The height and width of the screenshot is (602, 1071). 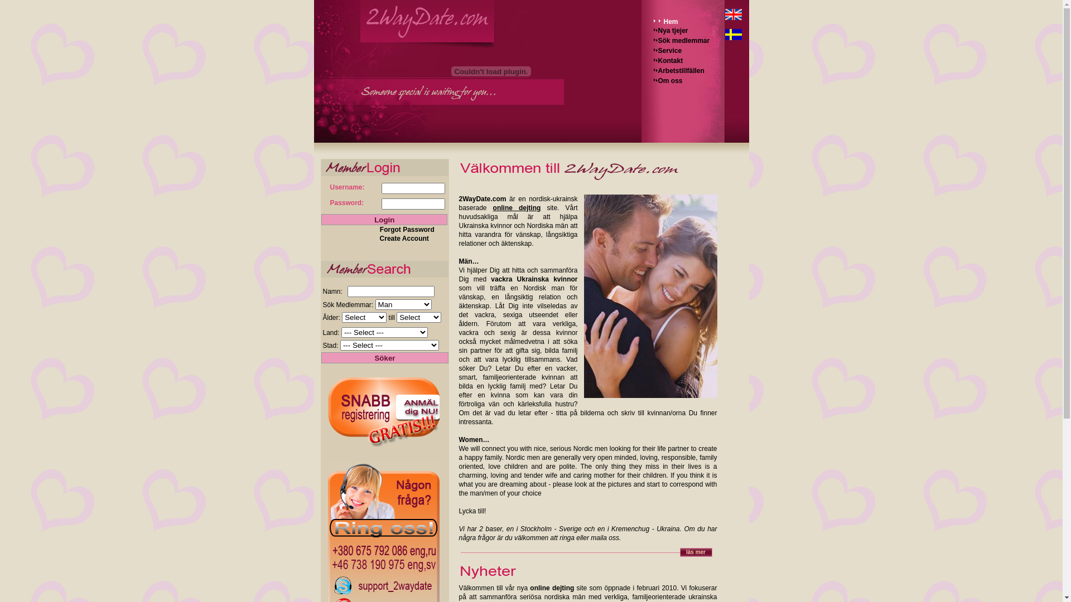 What do you see at coordinates (656, 60) in the screenshot?
I see `'Kontakt'` at bounding box center [656, 60].